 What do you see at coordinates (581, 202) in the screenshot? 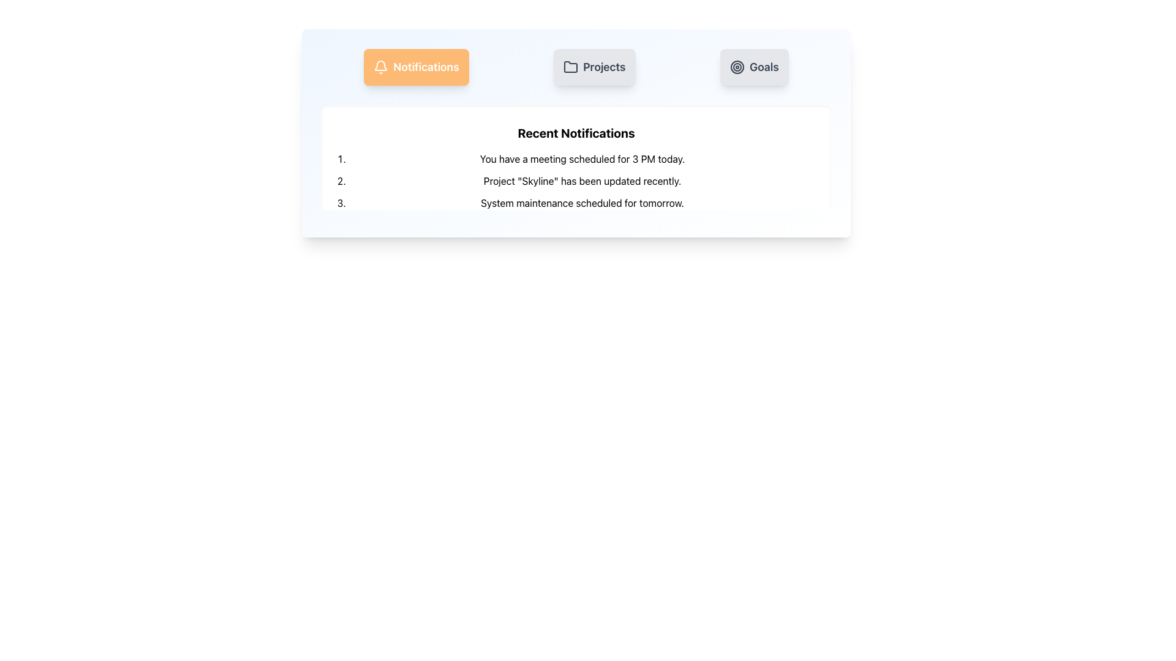
I see `the notification text element about the scheduled system maintenance, which is the last item in the 'Recent Notifications' card` at bounding box center [581, 202].